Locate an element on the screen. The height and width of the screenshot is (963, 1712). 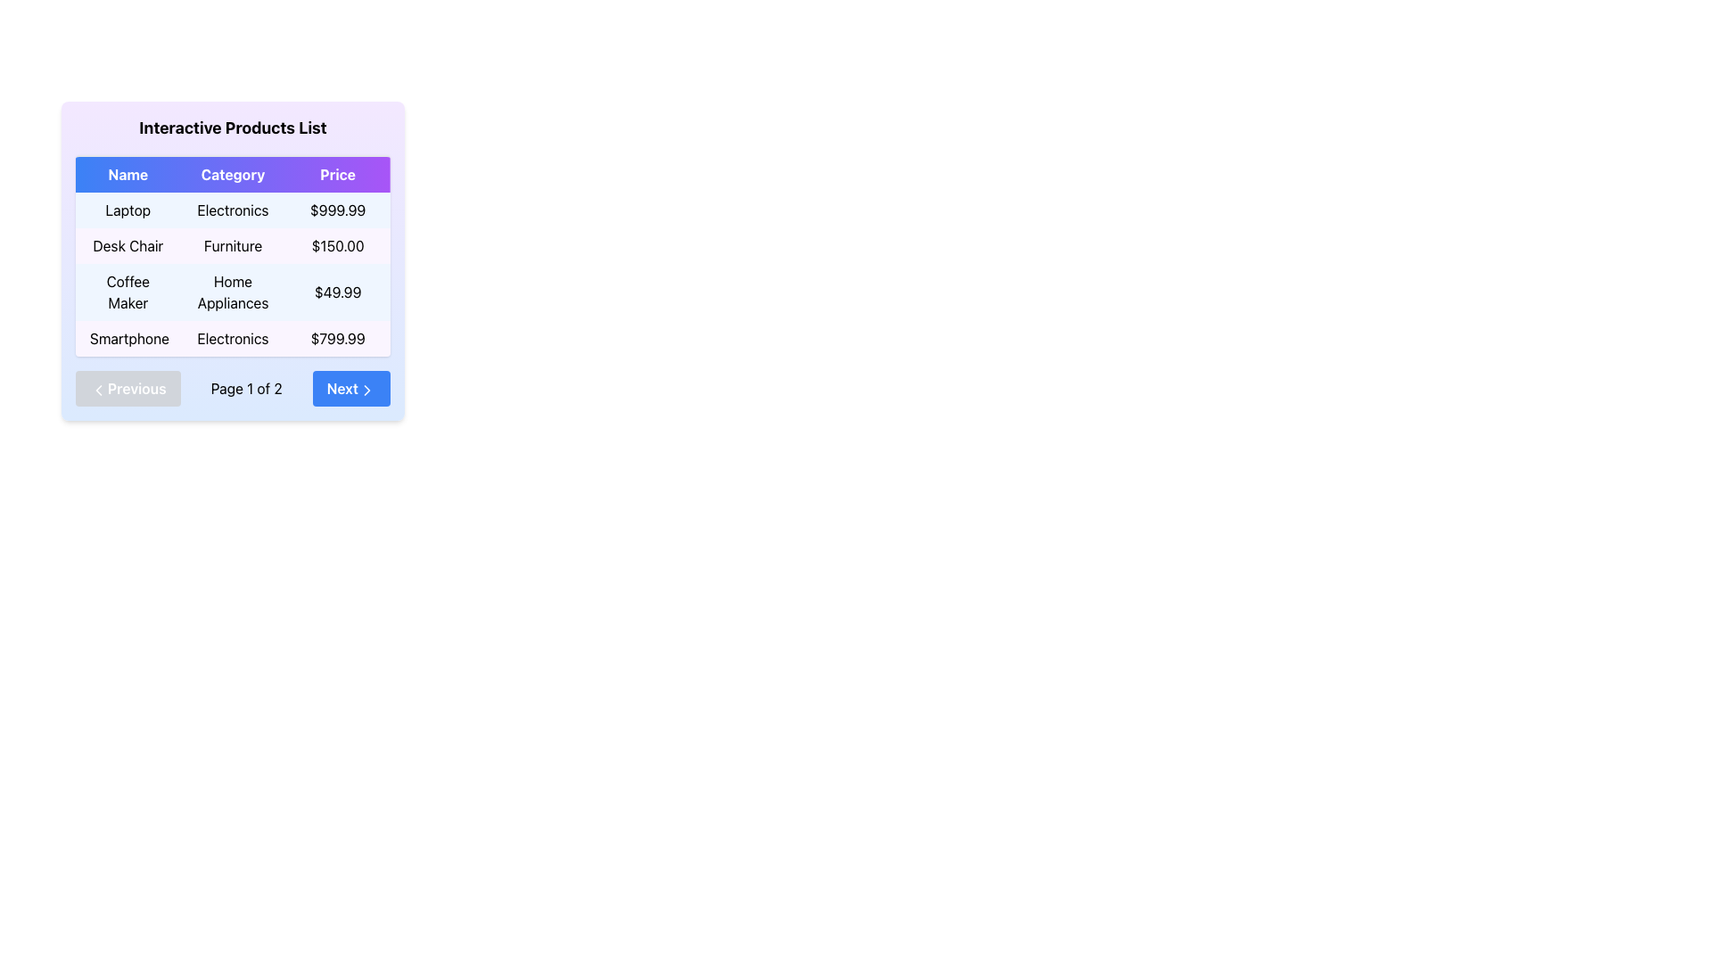
the first row of the 'Interactive Products List' table is located at coordinates (232, 209).